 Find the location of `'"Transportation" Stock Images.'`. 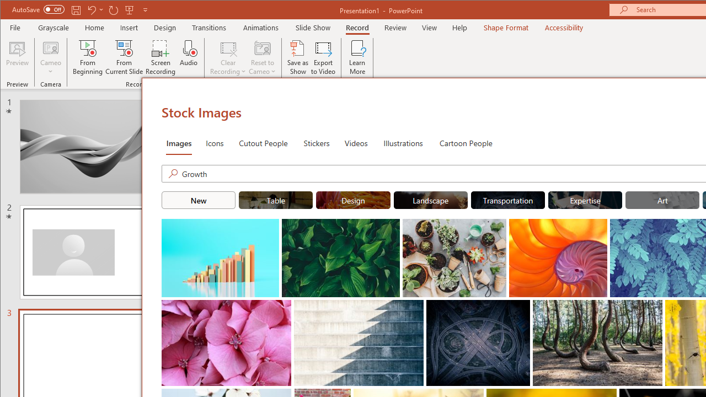

'"Transportation" Stock Images.' is located at coordinates (507, 200).